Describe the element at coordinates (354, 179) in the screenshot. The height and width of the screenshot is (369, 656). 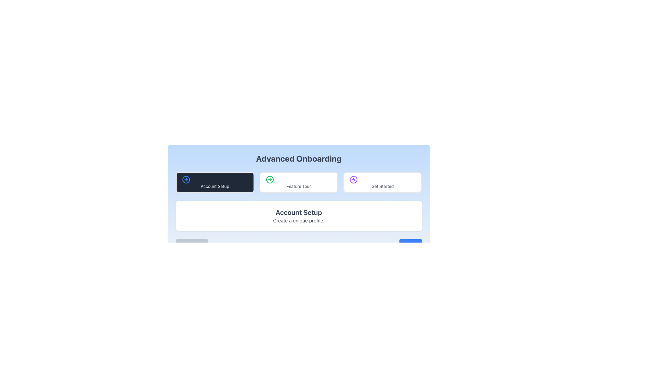
I see `the icon located within the 'Get Started' button, which represents progression and is placed to the left of the button text` at that location.